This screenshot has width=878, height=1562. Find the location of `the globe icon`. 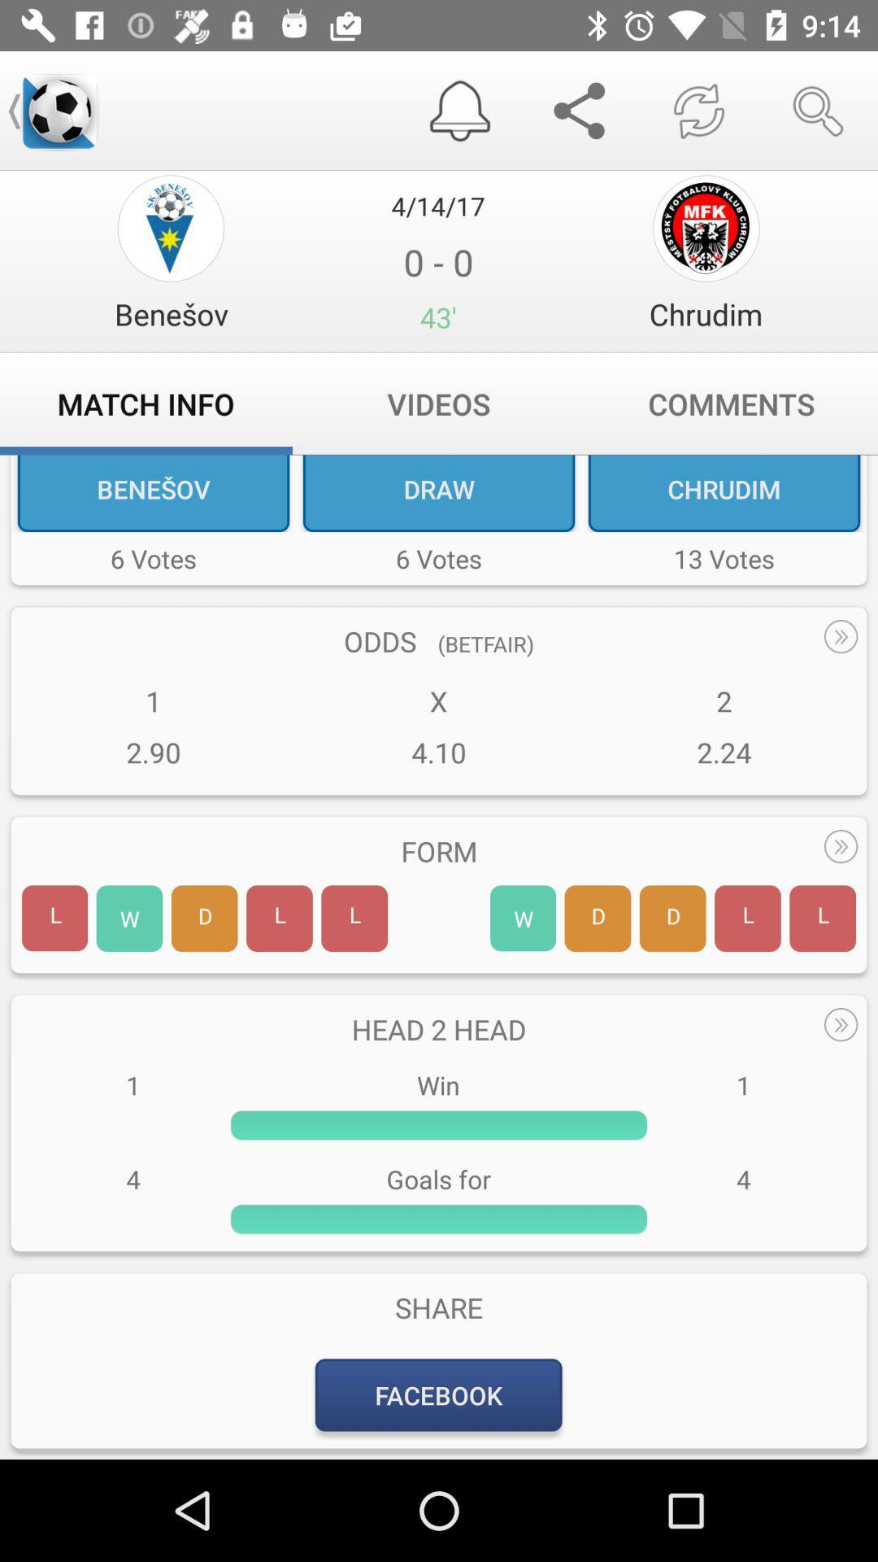

the globe icon is located at coordinates (705, 227).